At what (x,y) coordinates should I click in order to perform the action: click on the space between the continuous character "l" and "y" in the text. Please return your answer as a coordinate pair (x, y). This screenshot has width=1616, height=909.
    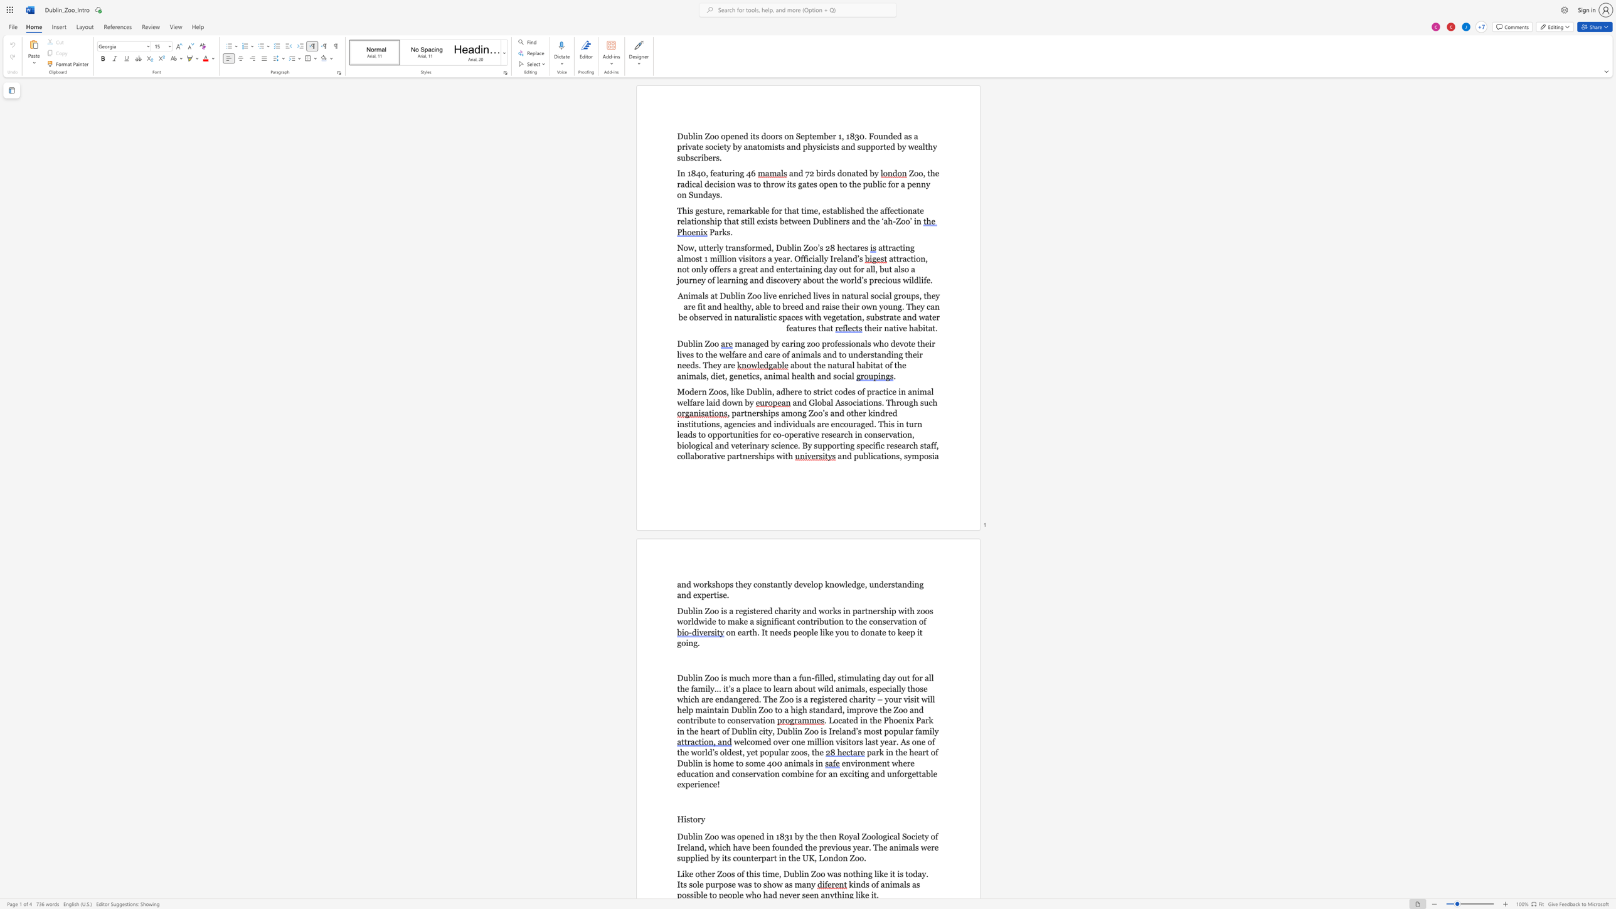
    Looking at the image, I should click on (710, 688).